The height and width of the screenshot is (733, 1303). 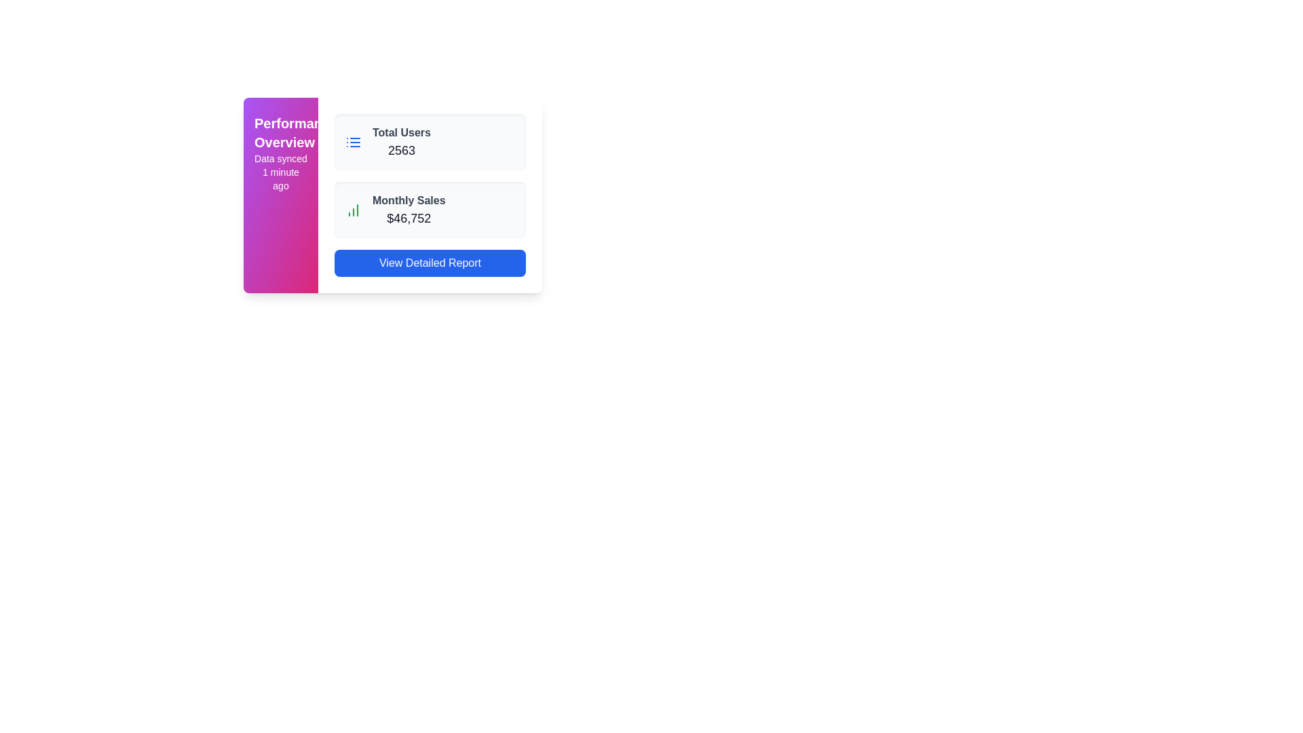 I want to click on displayed information from the first Information Card located at the top of the vertical stack, right of the 'Performance Overview' pink sidebar, so click(x=429, y=142).